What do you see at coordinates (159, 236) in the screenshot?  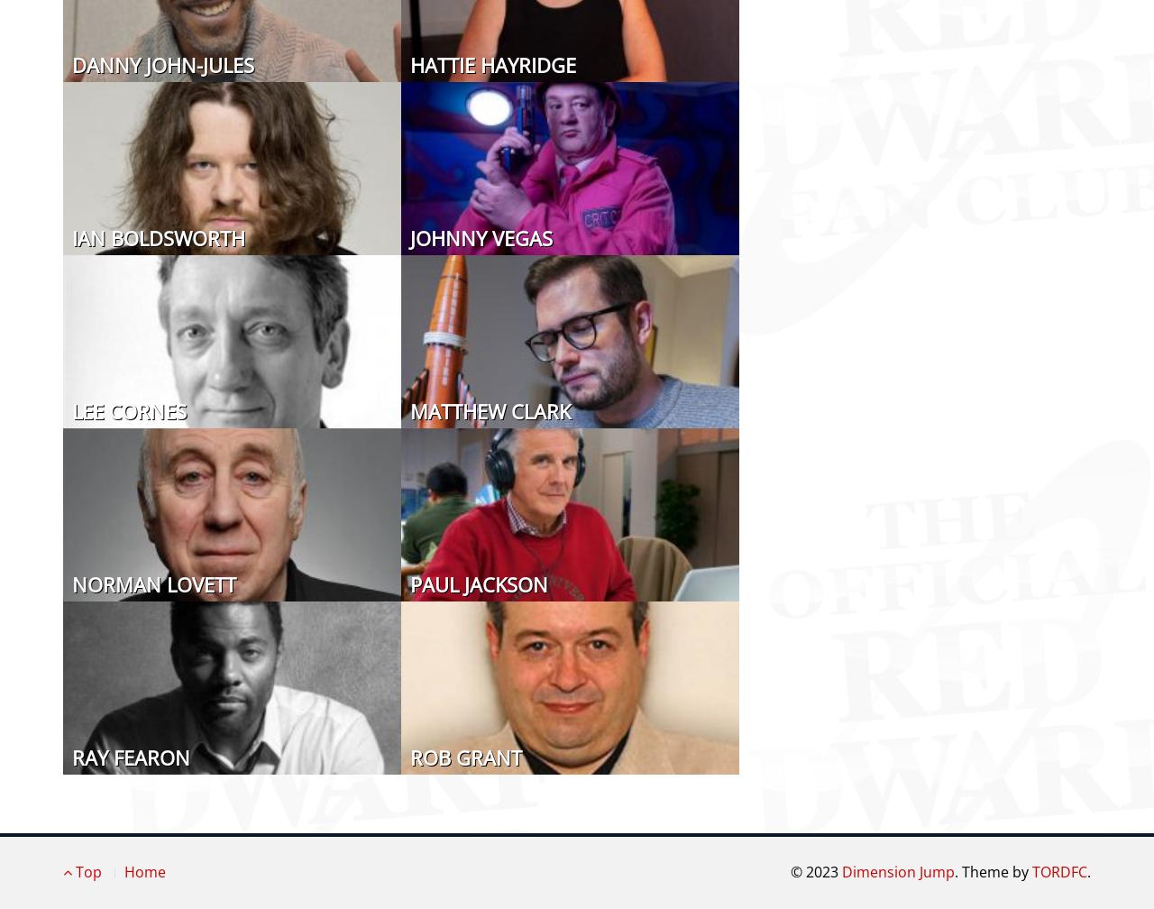 I see `'Ian Boldsworth'` at bounding box center [159, 236].